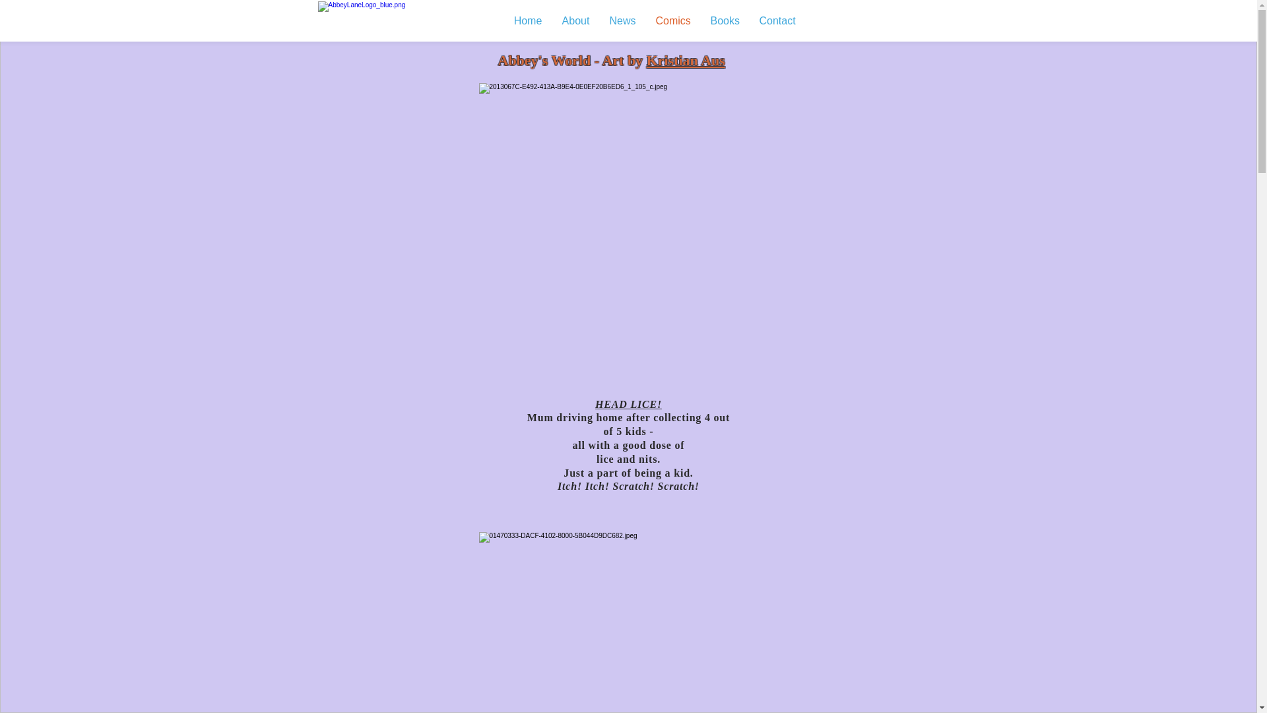 Image resolution: width=1267 pixels, height=713 pixels. What do you see at coordinates (575, 20) in the screenshot?
I see `'About'` at bounding box center [575, 20].